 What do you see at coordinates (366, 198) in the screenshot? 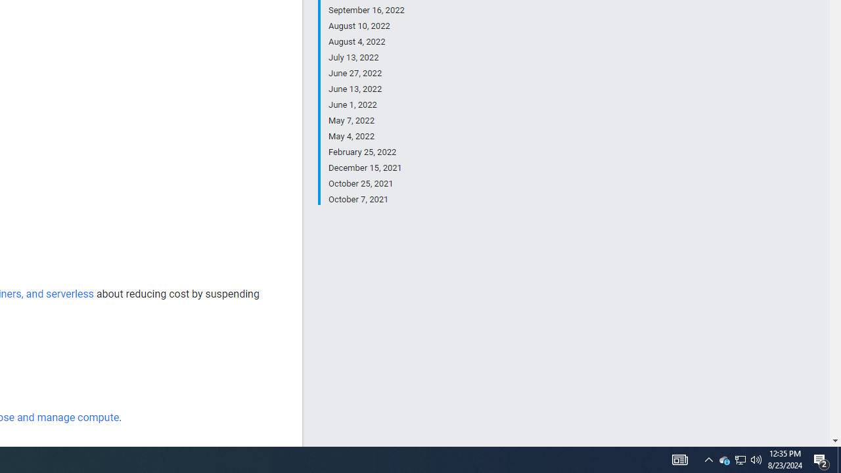
I see `'October 7, 2021'` at bounding box center [366, 198].